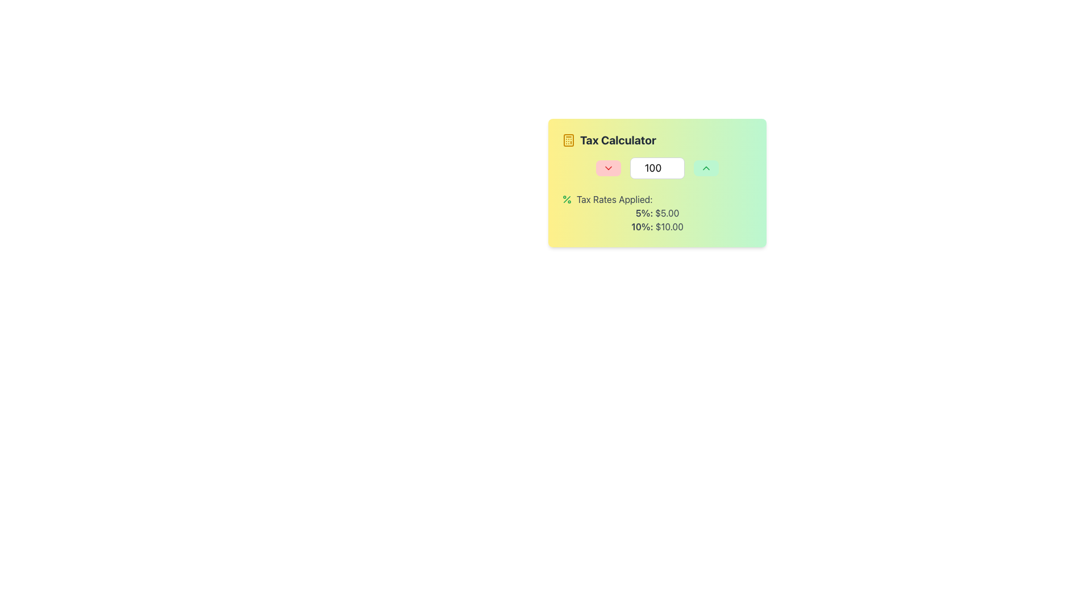 The width and height of the screenshot is (1091, 614). What do you see at coordinates (569, 139) in the screenshot?
I see `the rectangle that represents the body of the calculator icon located in the top-left corner of the 'Tax Calculator' card` at bounding box center [569, 139].